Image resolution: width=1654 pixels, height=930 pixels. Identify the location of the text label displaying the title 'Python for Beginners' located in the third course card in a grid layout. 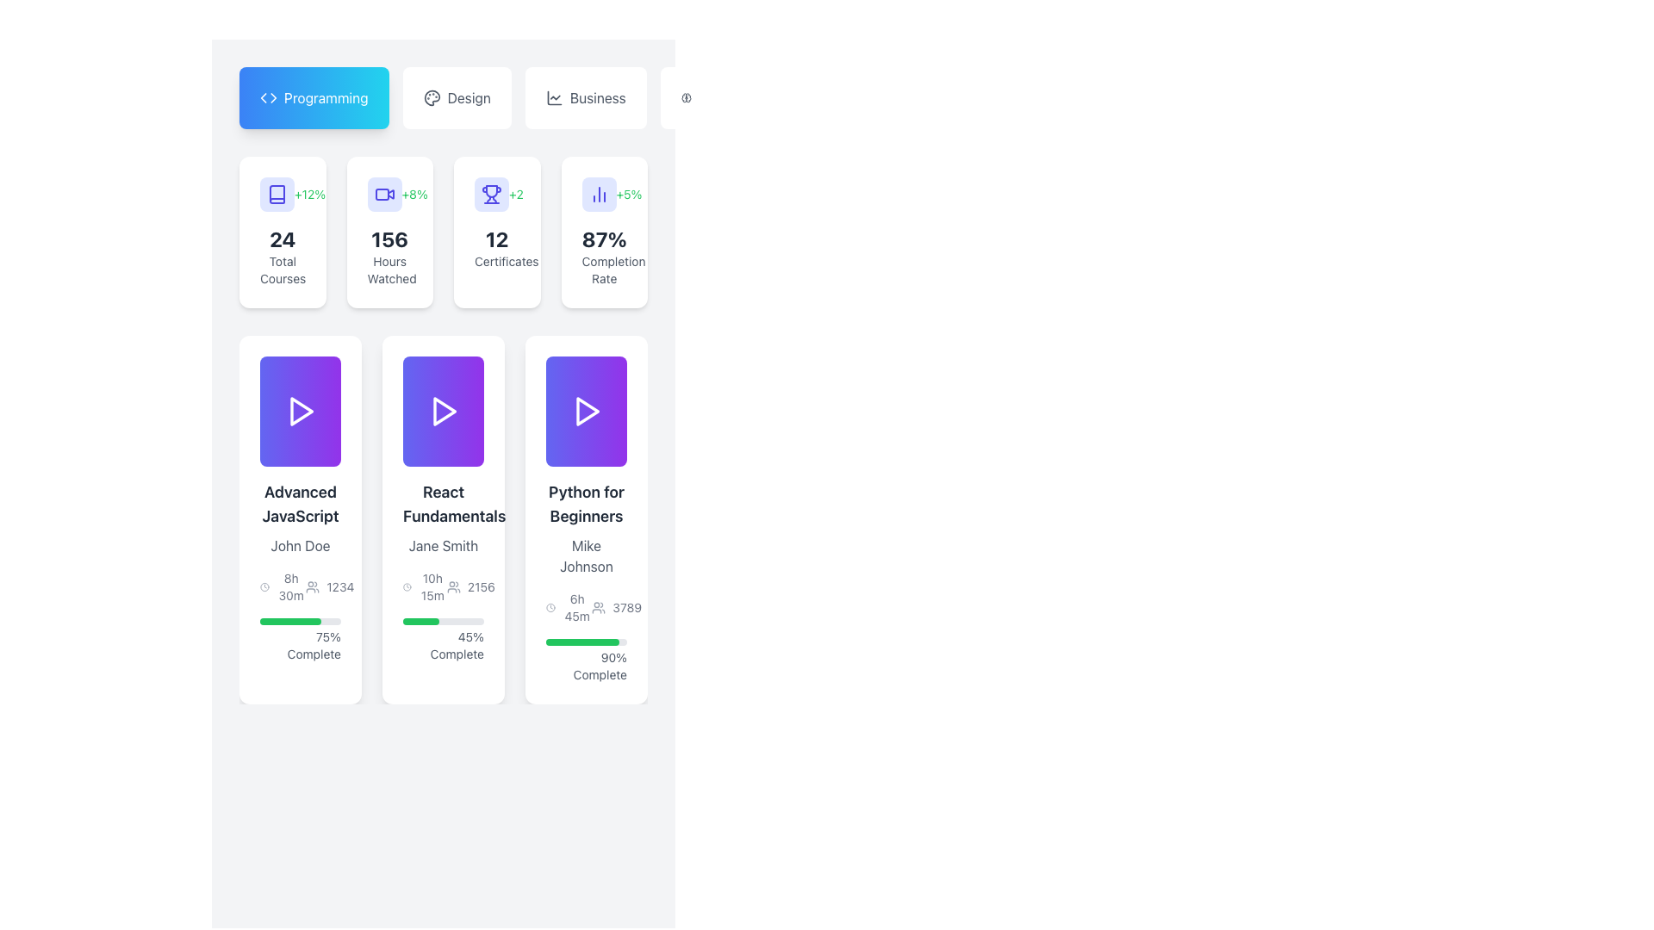
(587, 504).